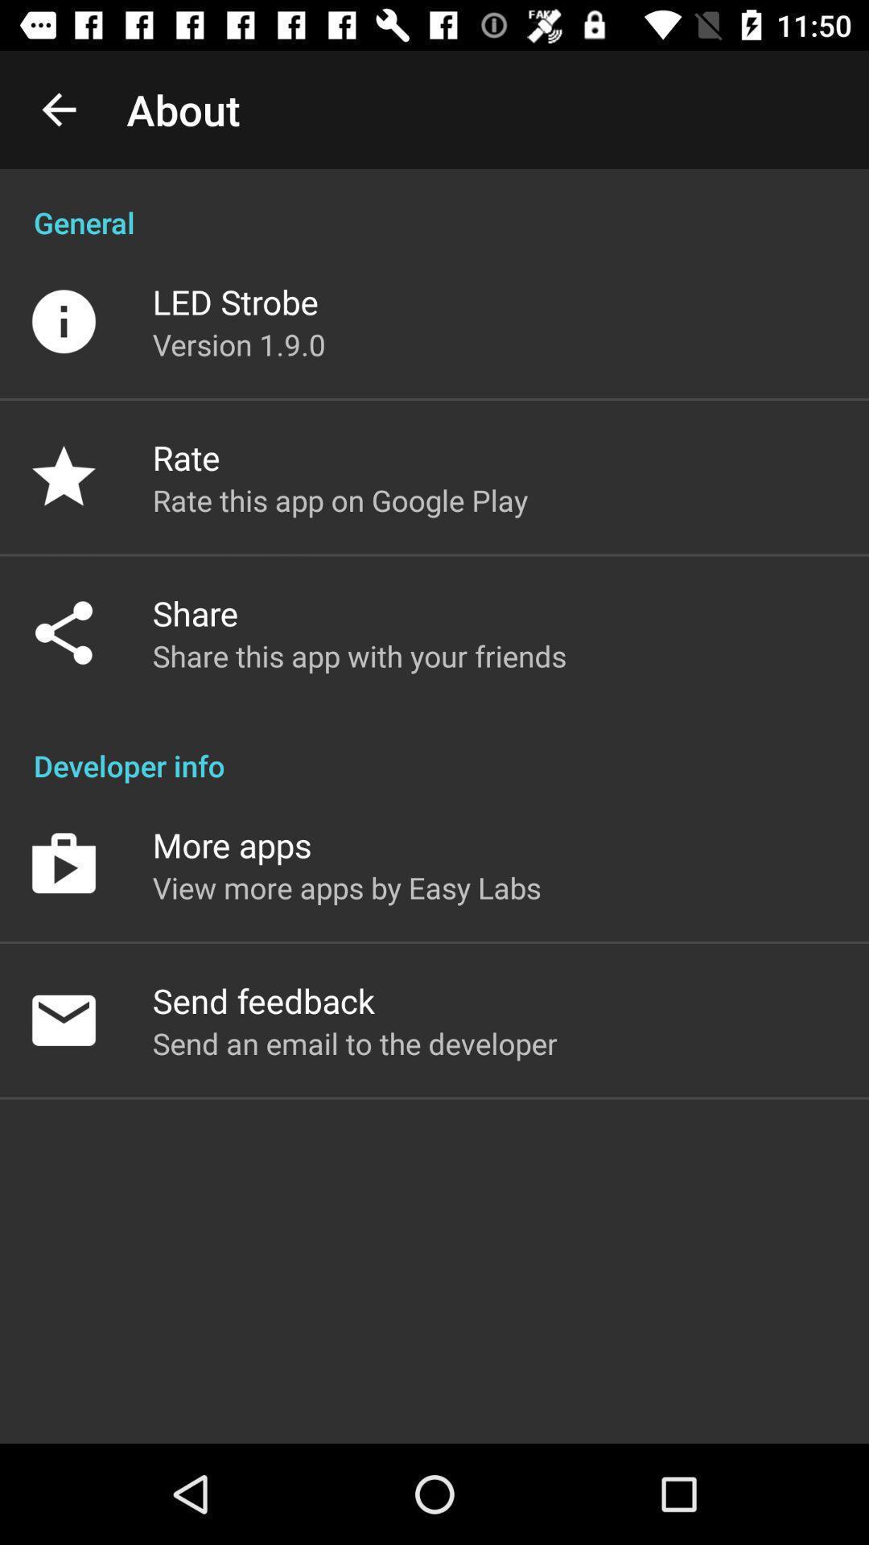 The image size is (869, 1545). What do you see at coordinates (239, 344) in the screenshot?
I see `the icon below led strobe icon` at bounding box center [239, 344].